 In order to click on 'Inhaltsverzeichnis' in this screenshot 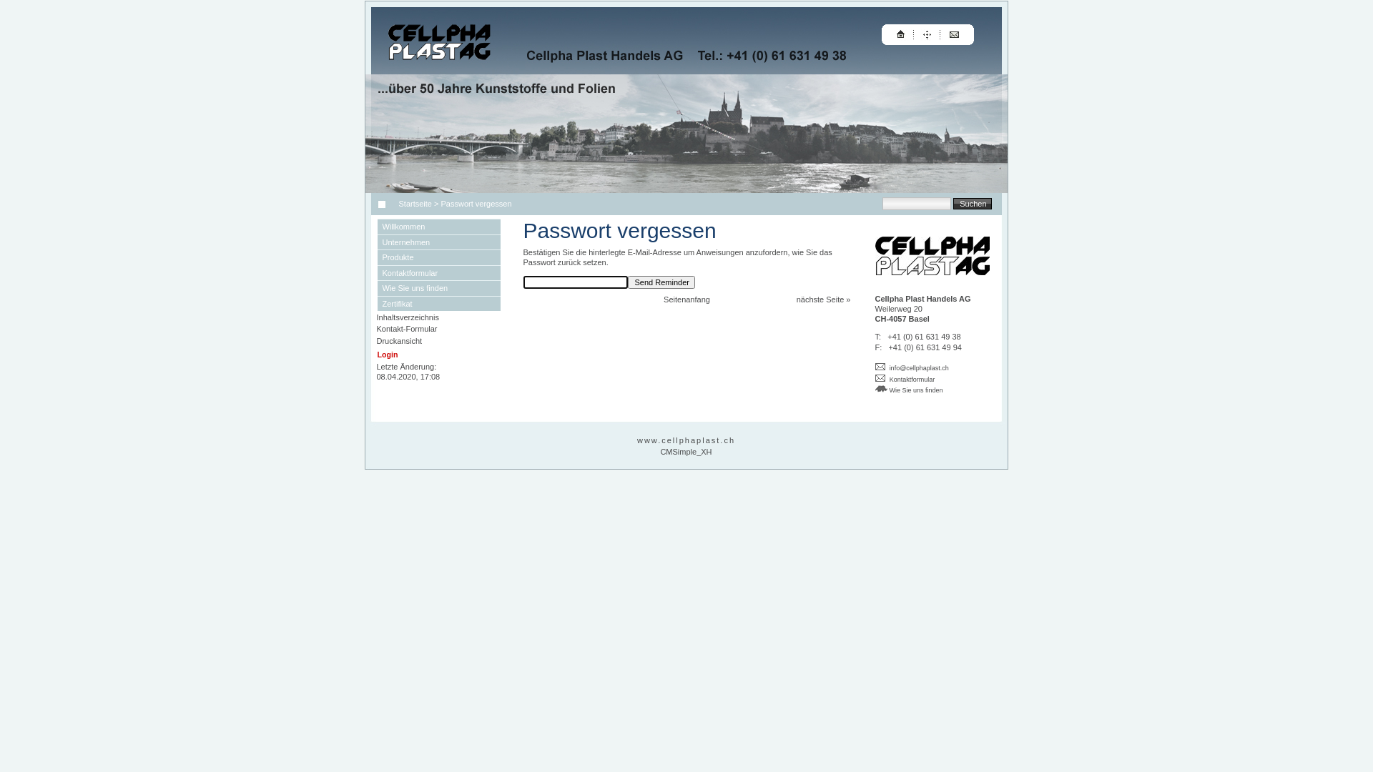, I will do `click(406, 316)`.